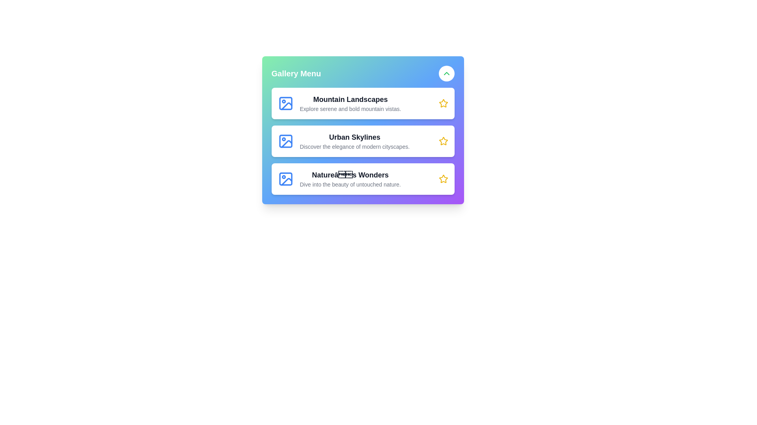  What do you see at coordinates (362, 140) in the screenshot?
I see `the gallery item Urban Skylines to trigger its hover effect` at bounding box center [362, 140].